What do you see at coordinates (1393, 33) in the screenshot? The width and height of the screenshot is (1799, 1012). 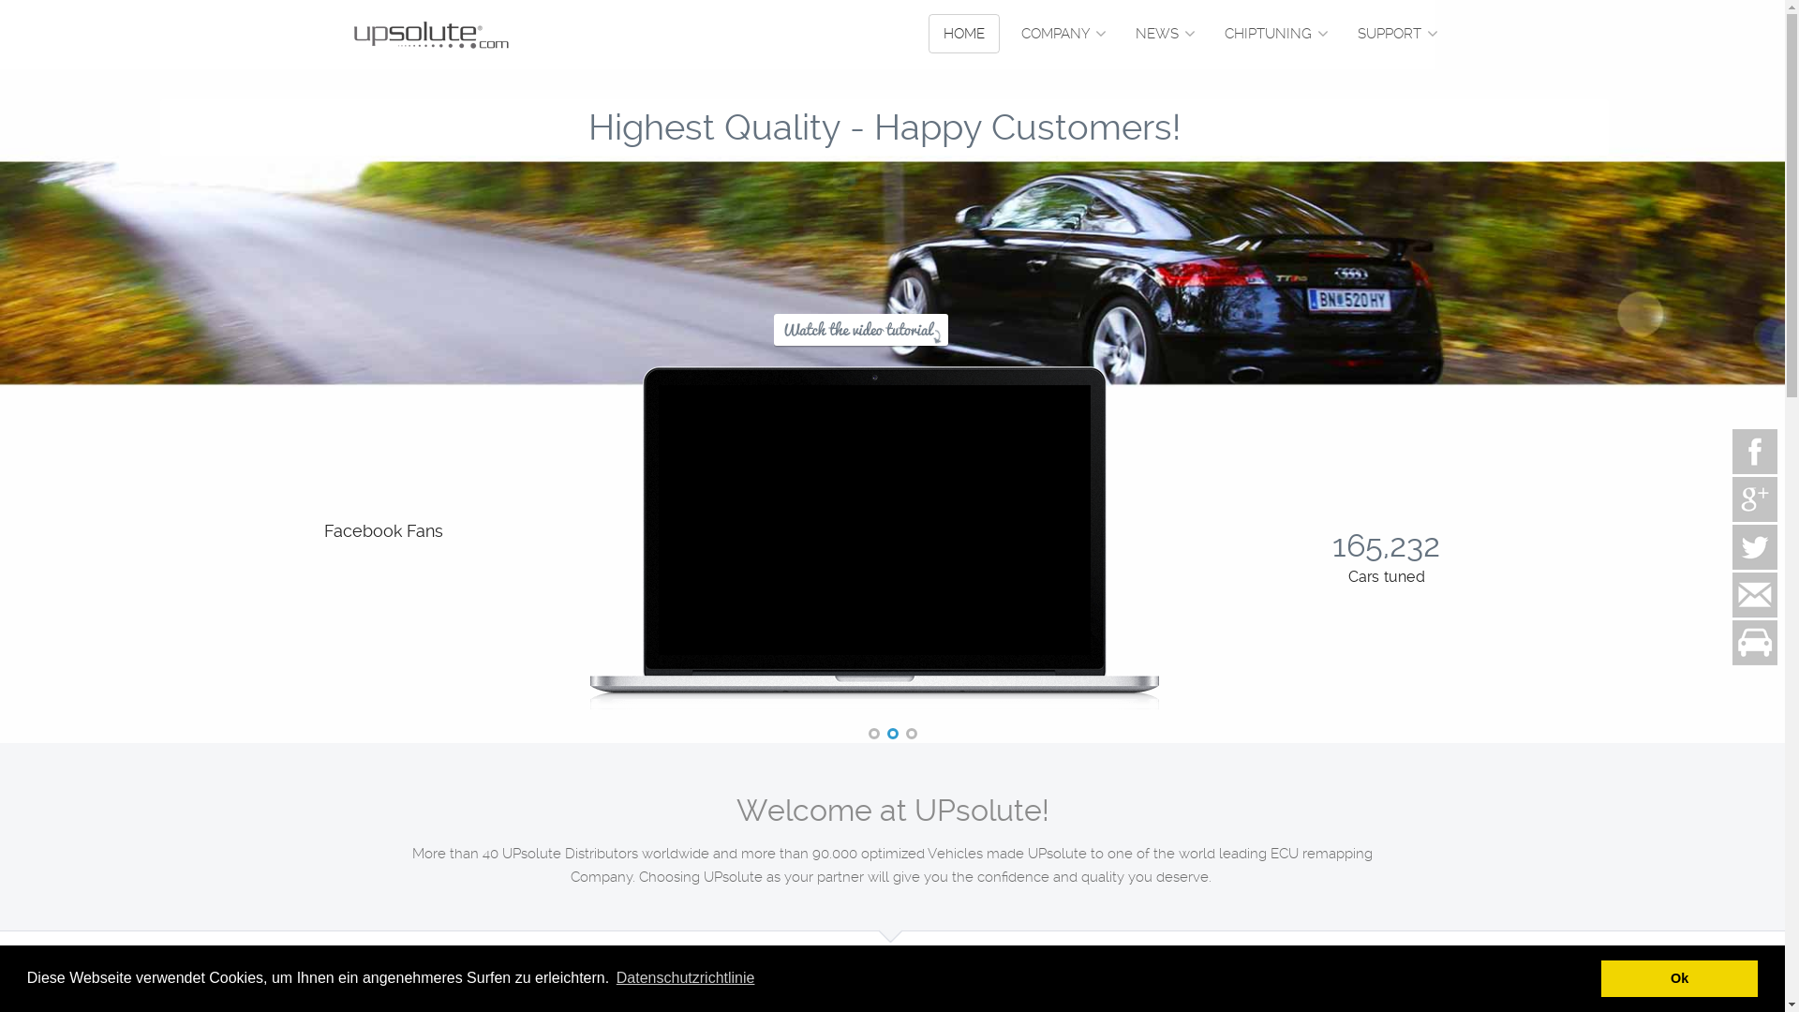 I see `'SUPPORT'` at bounding box center [1393, 33].